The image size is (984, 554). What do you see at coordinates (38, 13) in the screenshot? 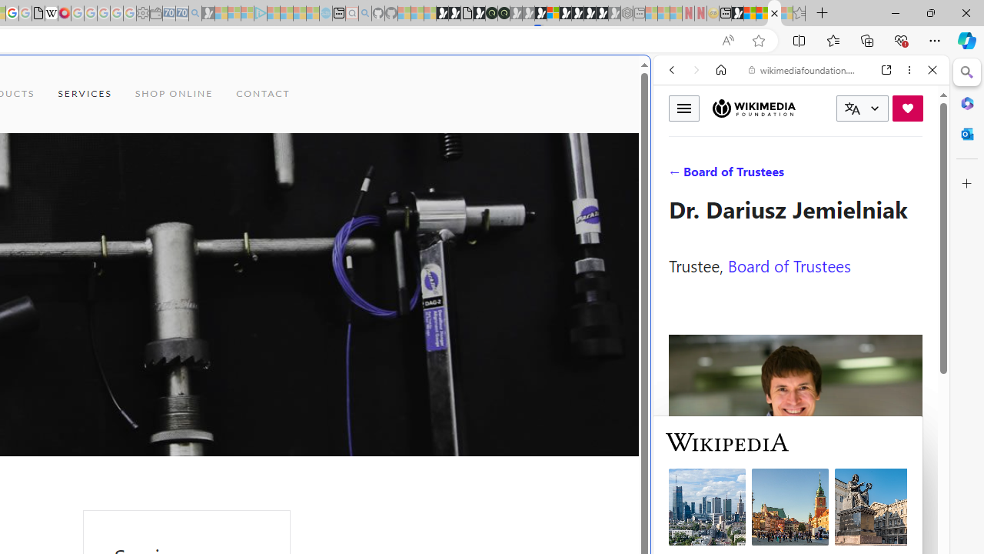
I see `'google_privacy_policy_zh-CN.pdf'` at bounding box center [38, 13].